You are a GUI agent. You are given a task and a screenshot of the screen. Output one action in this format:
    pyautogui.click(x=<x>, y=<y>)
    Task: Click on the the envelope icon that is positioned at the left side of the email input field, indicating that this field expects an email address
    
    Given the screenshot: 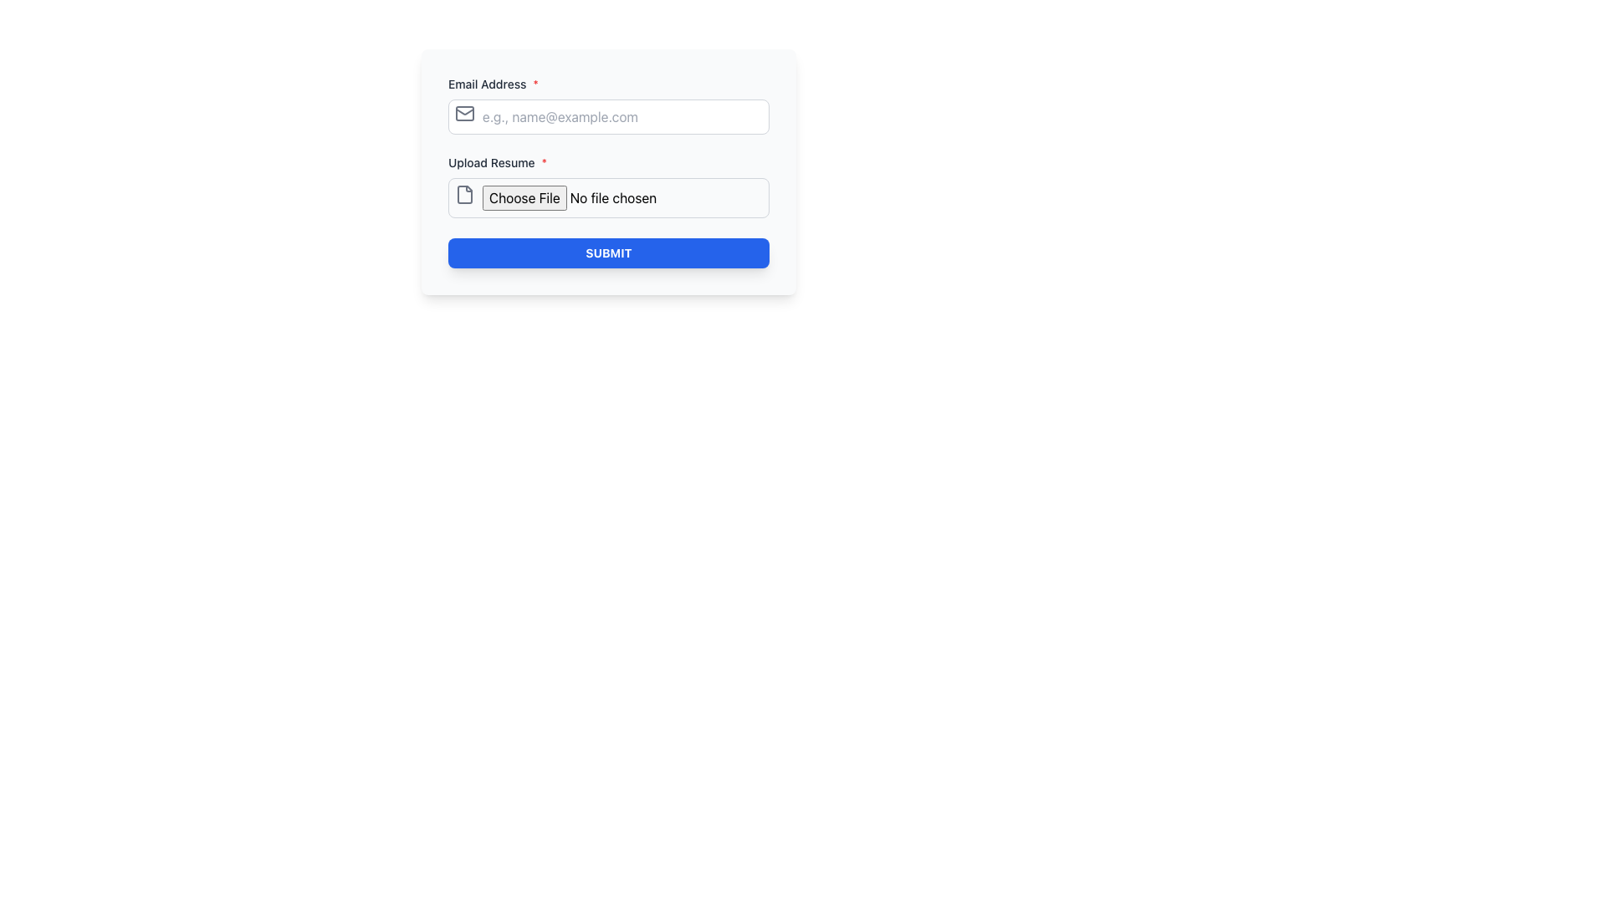 What is the action you would take?
    pyautogui.click(x=465, y=113)
    